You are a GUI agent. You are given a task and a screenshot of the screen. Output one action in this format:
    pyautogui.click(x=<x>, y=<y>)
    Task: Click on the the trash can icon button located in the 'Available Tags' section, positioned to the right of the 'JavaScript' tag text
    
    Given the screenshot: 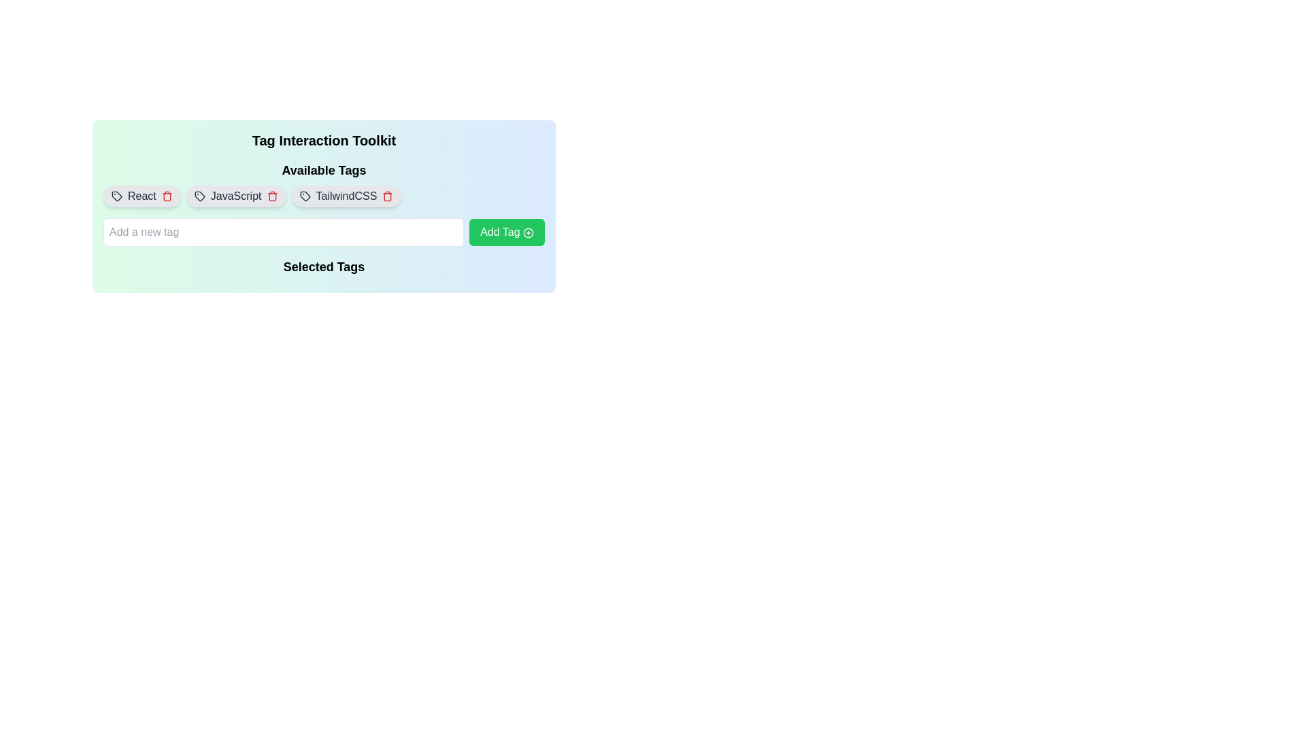 What is the action you would take?
    pyautogui.click(x=272, y=197)
    